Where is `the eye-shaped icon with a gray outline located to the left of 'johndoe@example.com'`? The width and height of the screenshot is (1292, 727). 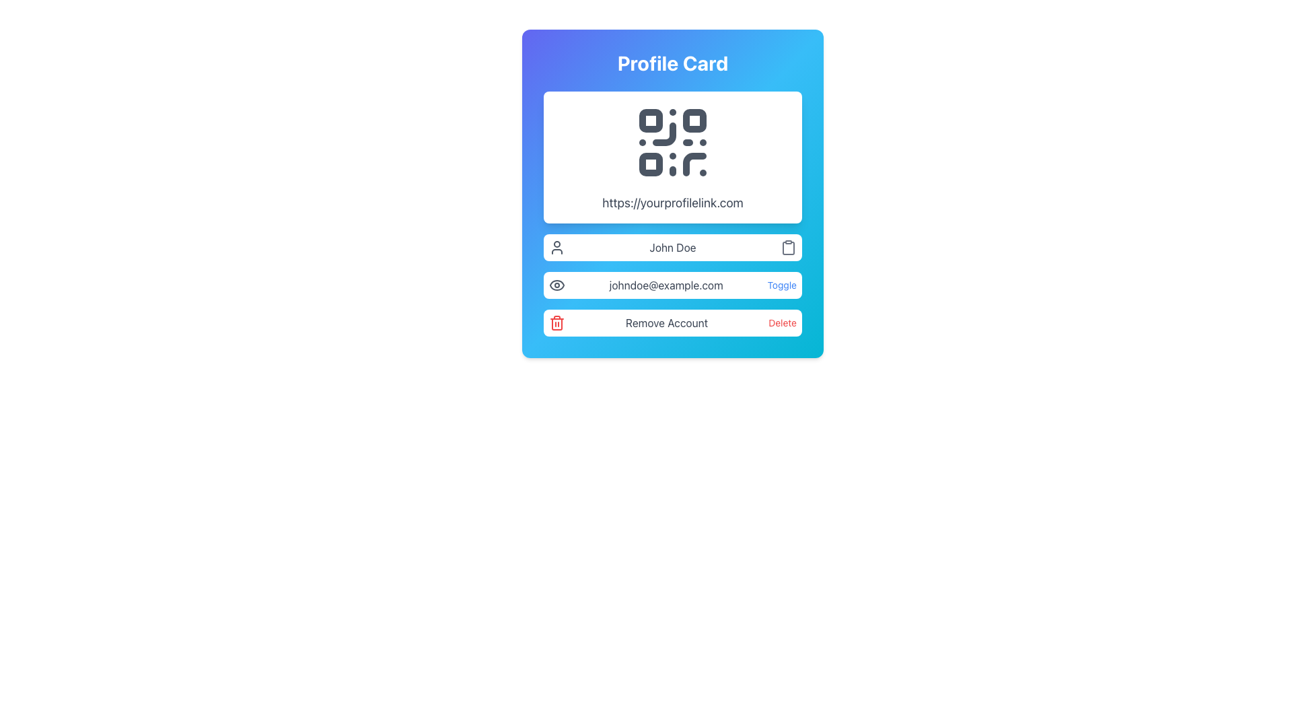 the eye-shaped icon with a gray outline located to the left of 'johndoe@example.com' is located at coordinates (557, 285).